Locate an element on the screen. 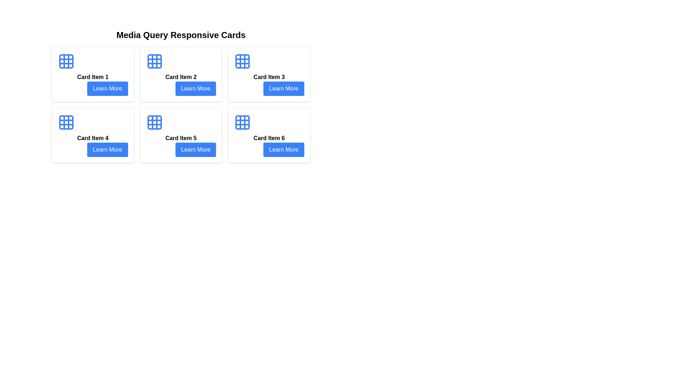 The width and height of the screenshot is (689, 388). the rectangular button labeled 'Learn More' with a blue background located in the bottom-right corner of Card Item 2 is located at coordinates (196, 88).